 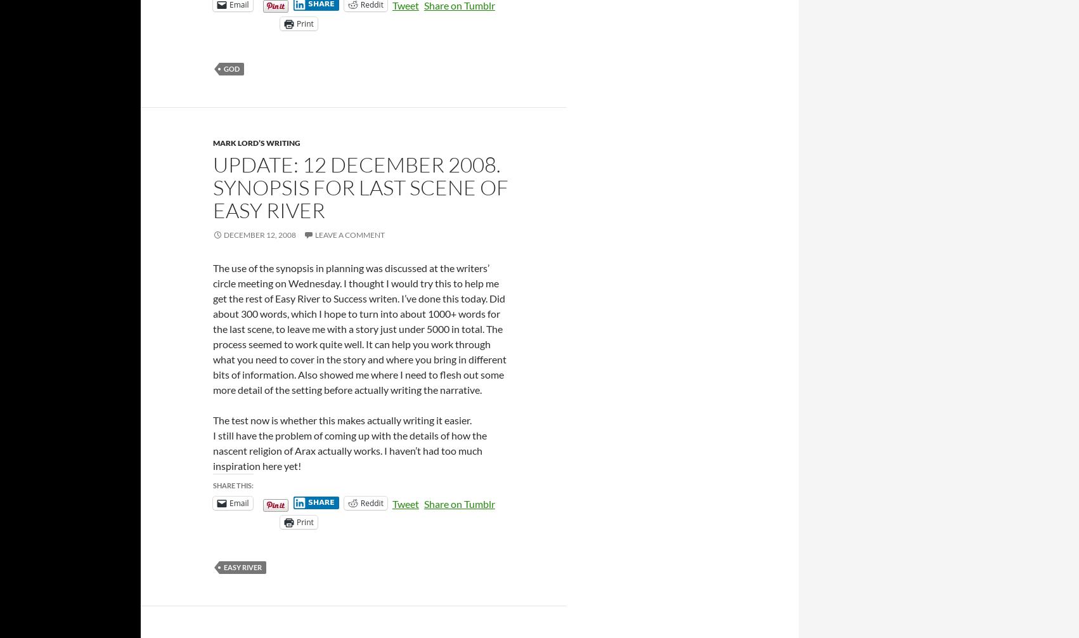 What do you see at coordinates (320, 501) in the screenshot?
I see `'Share'` at bounding box center [320, 501].